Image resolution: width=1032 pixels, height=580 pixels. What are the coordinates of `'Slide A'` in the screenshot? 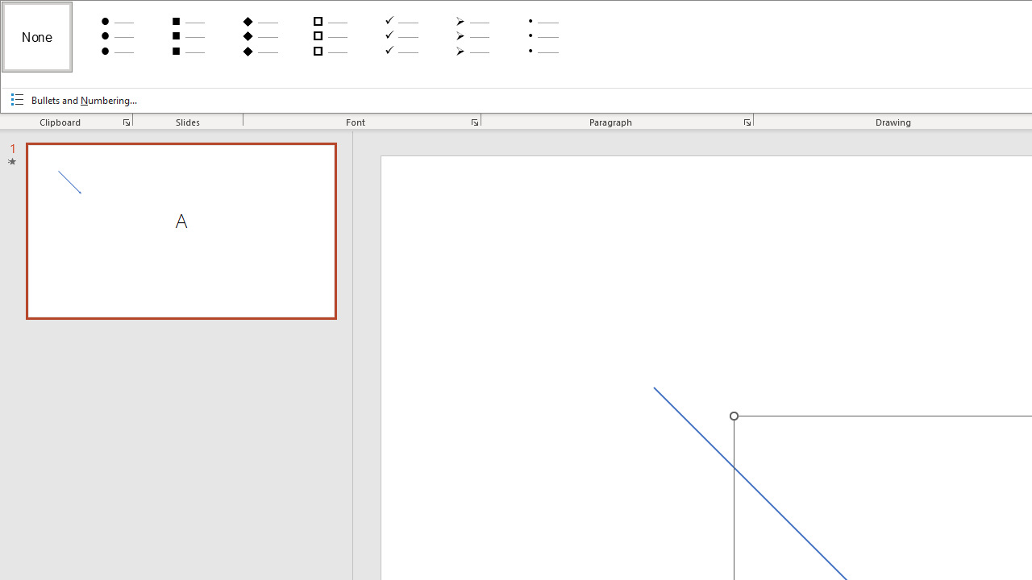 It's located at (181, 230).